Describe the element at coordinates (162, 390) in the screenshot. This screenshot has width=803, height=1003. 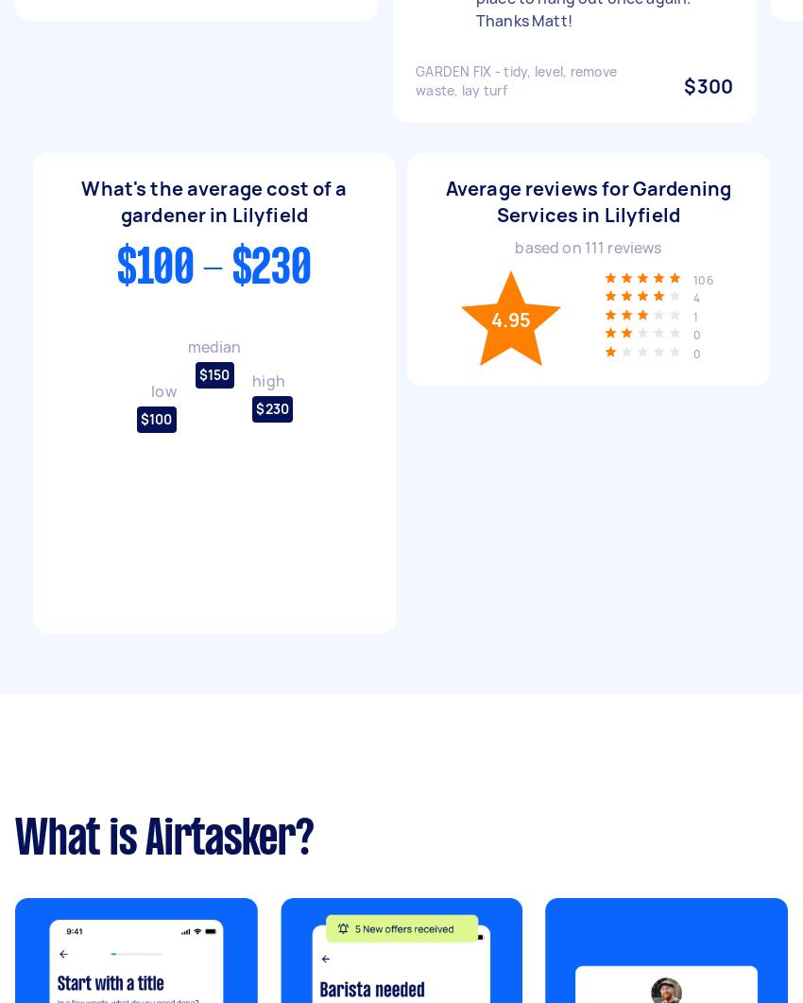
I see `'low'` at that location.